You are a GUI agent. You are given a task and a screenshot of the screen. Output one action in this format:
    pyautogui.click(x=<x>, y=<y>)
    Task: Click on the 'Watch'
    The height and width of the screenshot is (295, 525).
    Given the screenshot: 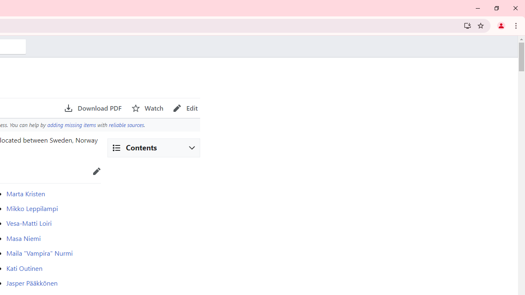 What is the action you would take?
    pyautogui.click(x=147, y=108)
    